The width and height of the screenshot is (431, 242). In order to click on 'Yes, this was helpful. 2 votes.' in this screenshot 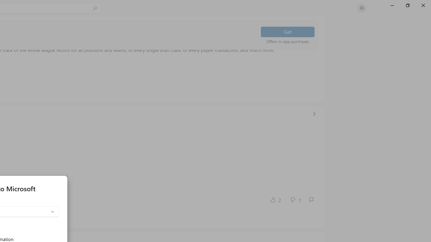, I will do `click(275, 199)`.